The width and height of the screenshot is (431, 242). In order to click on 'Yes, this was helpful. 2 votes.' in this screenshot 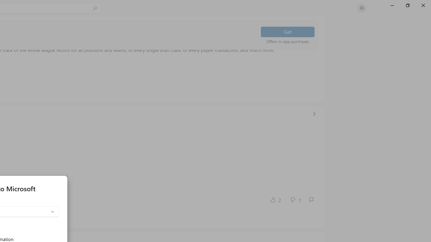, I will do `click(275, 199)`.